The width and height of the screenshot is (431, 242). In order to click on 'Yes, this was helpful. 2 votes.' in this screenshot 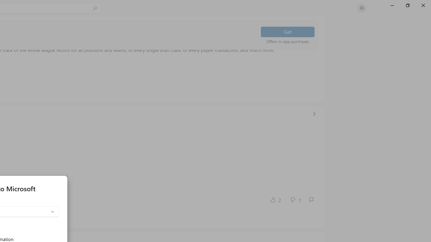, I will do `click(275, 199)`.